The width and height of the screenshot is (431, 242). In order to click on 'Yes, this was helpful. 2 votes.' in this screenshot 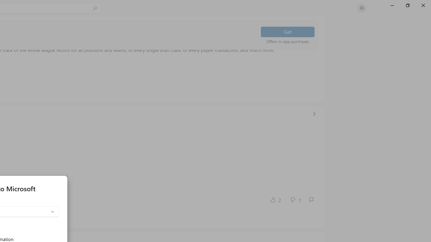, I will do `click(275, 199)`.